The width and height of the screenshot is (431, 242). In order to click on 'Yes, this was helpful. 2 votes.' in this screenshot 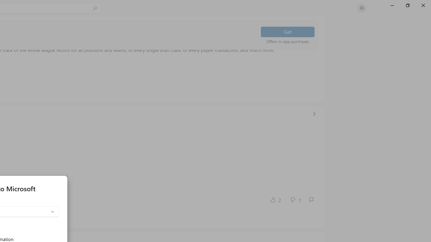, I will do `click(275, 199)`.